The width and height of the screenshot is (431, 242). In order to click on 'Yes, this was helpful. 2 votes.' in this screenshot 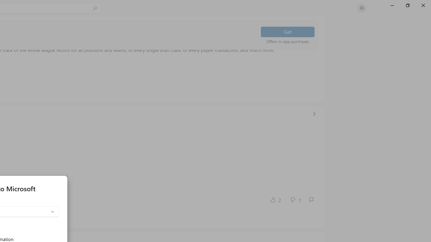, I will do `click(275, 199)`.